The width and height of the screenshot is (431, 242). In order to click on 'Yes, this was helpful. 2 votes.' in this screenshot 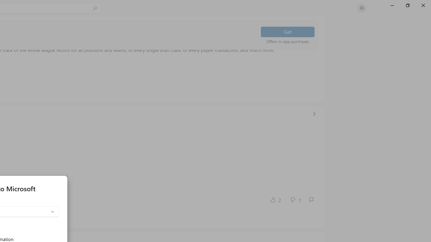, I will do `click(275, 199)`.